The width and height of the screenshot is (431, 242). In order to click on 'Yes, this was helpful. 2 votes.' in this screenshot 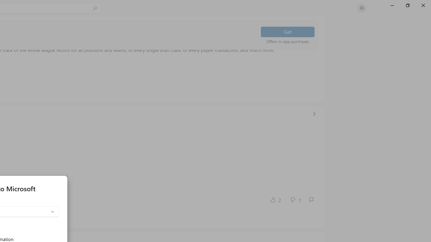, I will do `click(275, 199)`.